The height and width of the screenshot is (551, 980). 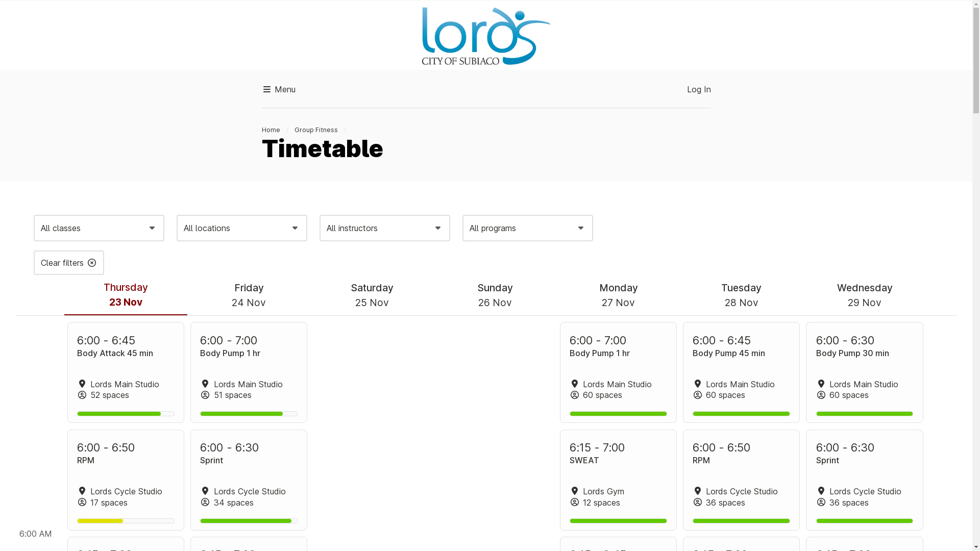 I want to click on 'Body Pump 1 hr, so click(x=618, y=372).